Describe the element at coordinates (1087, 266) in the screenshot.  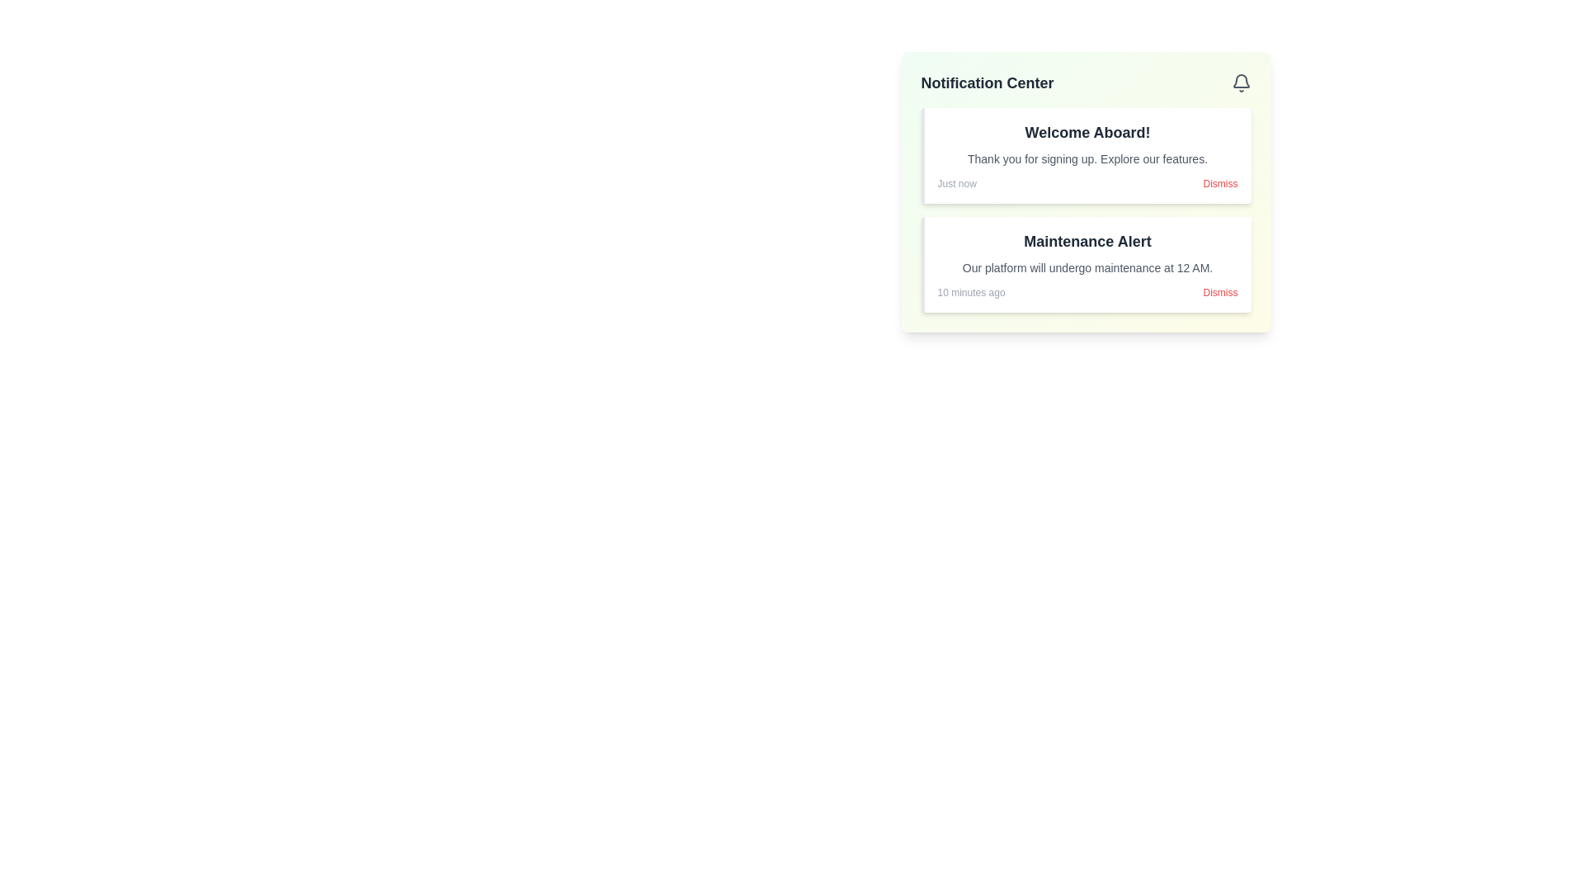
I see `the second line of text within the 'Maintenance Alert' notification card that communicates a detailed message about maintenance` at that location.